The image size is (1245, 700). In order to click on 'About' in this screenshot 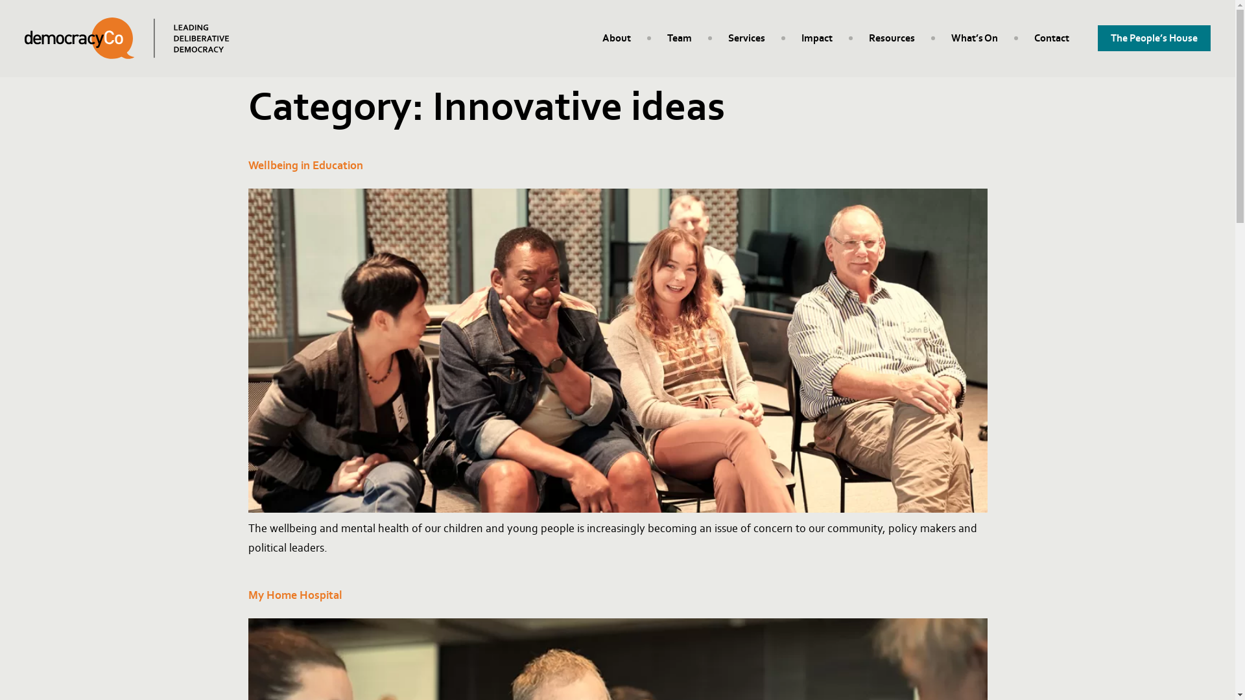, I will do `click(615, 37)`.